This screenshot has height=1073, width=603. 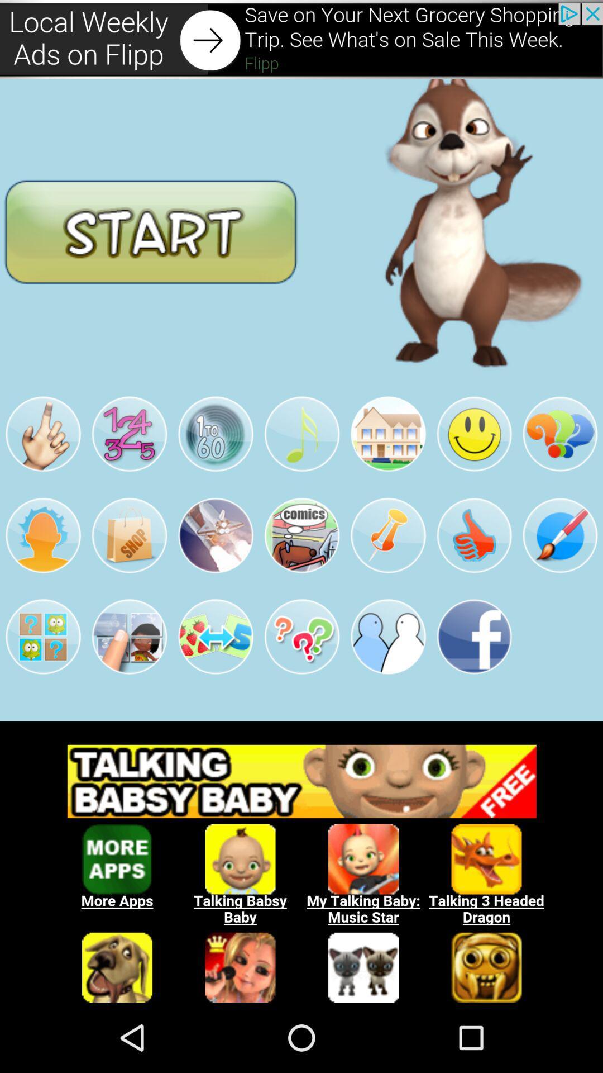 What do you see at coordinates (474, 573) in the screenshot?
I see `the thumbs_up icon` at bounding box center [474, 573].